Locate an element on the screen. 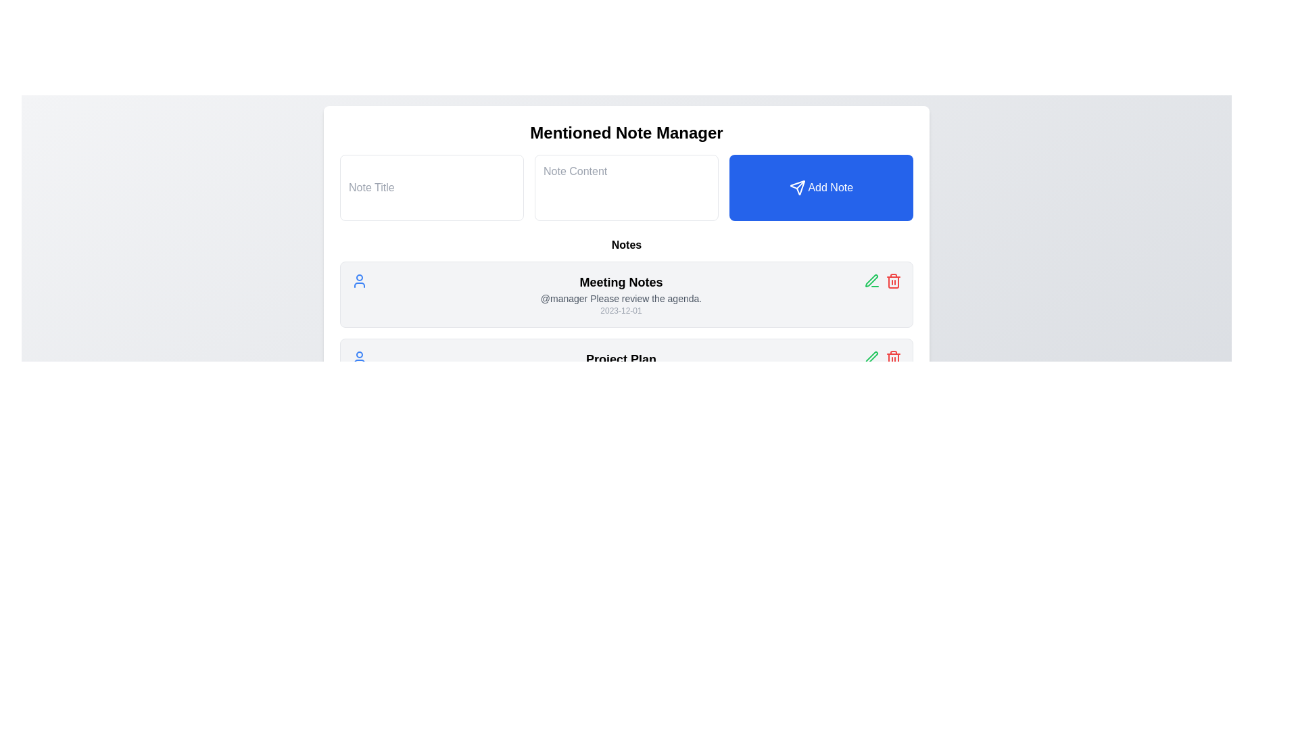 This screenshot has width=1298, height=730. the Trash Can icon, which is positioned to the far right of a group of action icons is located at coordinates (893, 357).